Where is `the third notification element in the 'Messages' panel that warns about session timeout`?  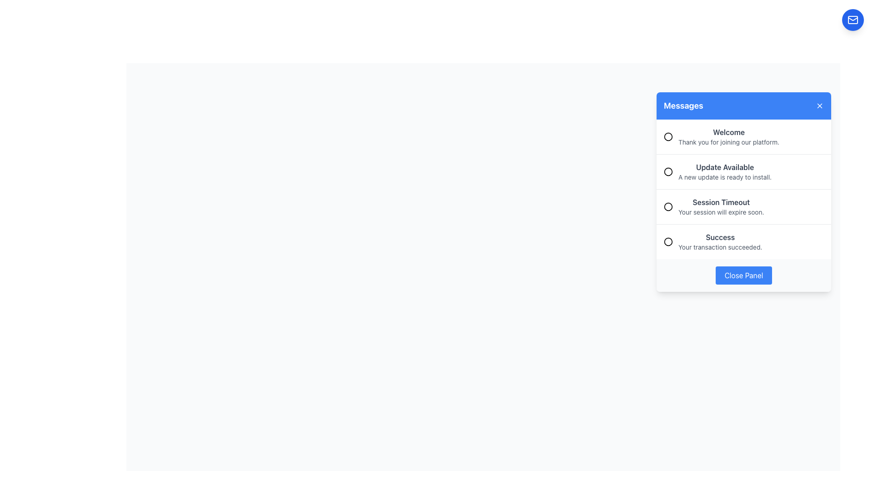 the third notification element in the 'Messages' panel that warns about session timeout is located at coordinates (744, 206).